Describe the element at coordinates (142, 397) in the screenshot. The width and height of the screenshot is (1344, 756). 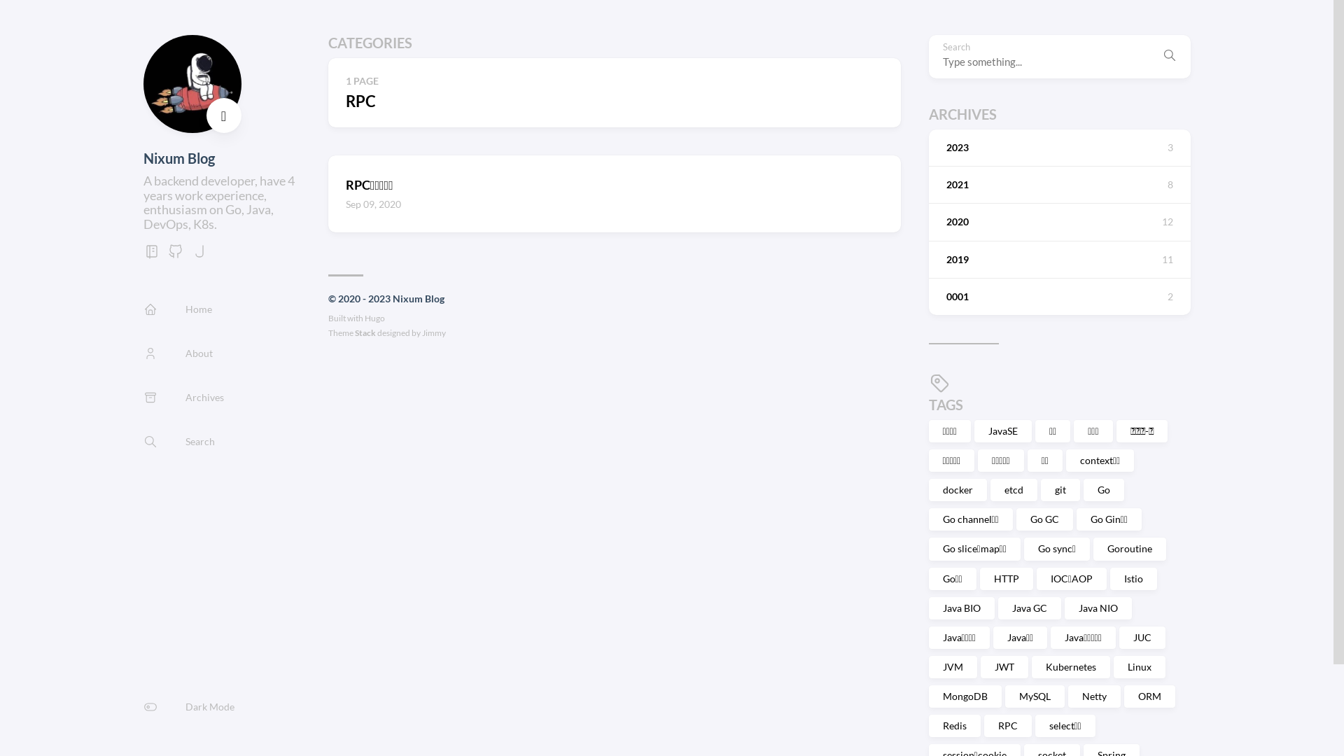
I see `'Archives'` at that location.